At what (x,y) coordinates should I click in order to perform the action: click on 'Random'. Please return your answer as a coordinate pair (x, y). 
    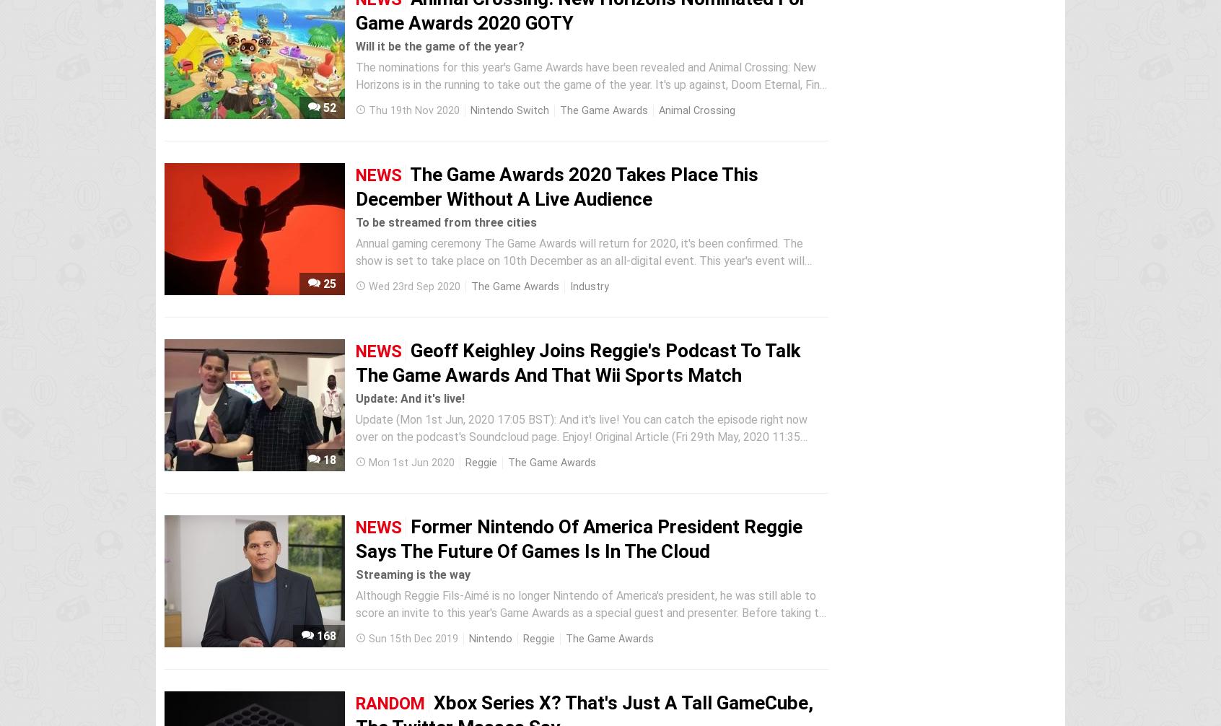
    Looking at the image, I should click on (390, 703).